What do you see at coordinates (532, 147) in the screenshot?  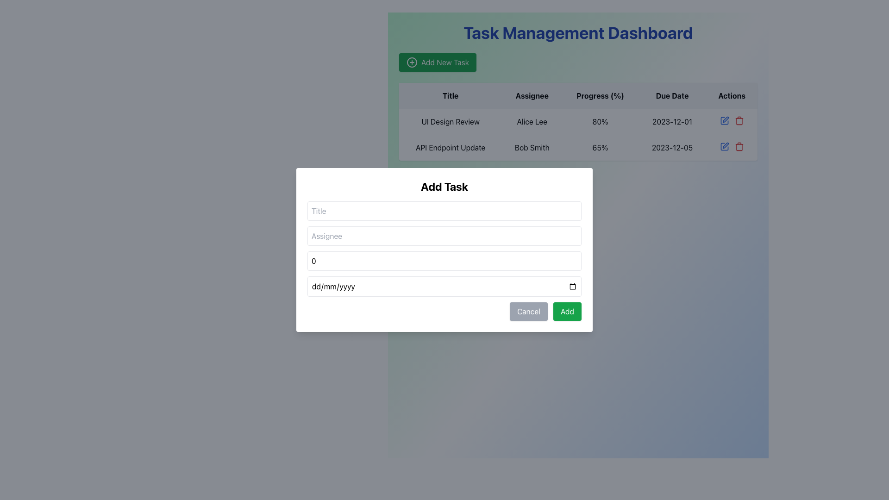 I see `text label displaying 'Bob Smith' located in the second row of the data table under the 'Assignee' column` at bounding box center [532, 147].